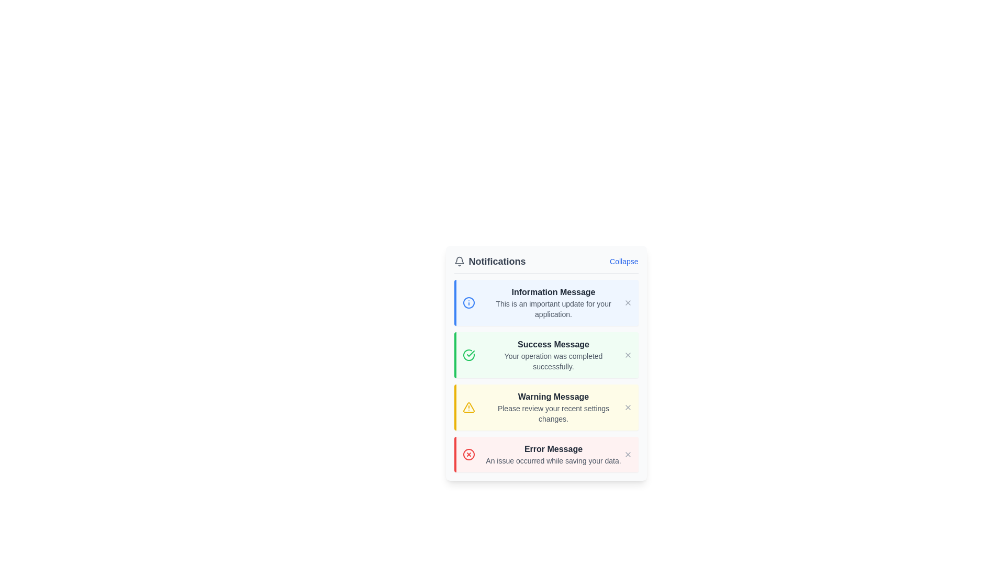  What do you see at coordinates (545, 407) in the screenshot?
I see `the third notification box titled 'Warning Message'` at bounding box center [545, 407].